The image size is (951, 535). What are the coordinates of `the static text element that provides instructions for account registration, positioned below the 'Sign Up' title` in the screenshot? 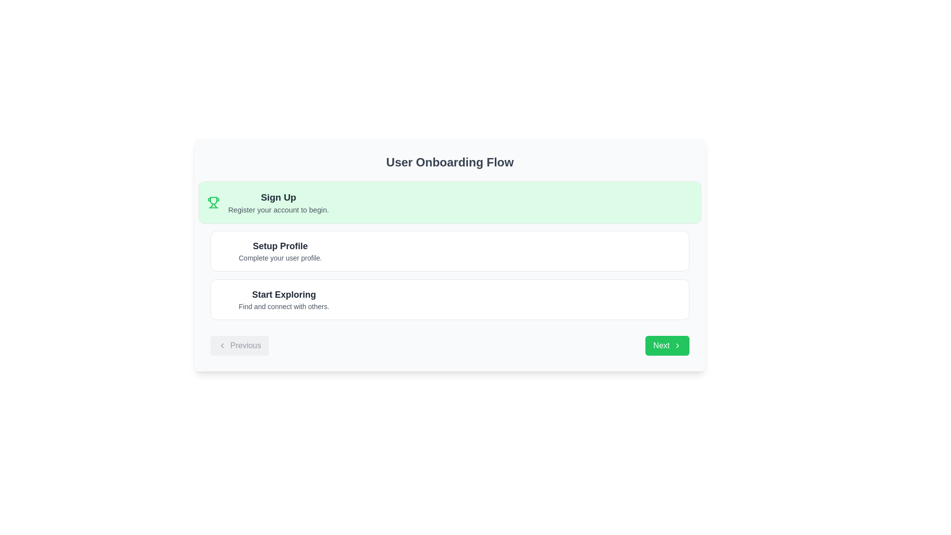 It's located at (278, 209).